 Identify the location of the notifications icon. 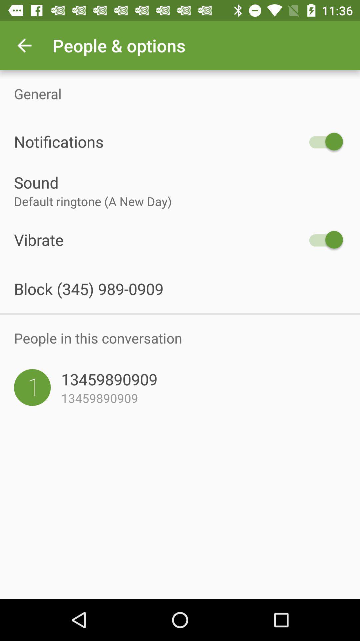
(159, 141).